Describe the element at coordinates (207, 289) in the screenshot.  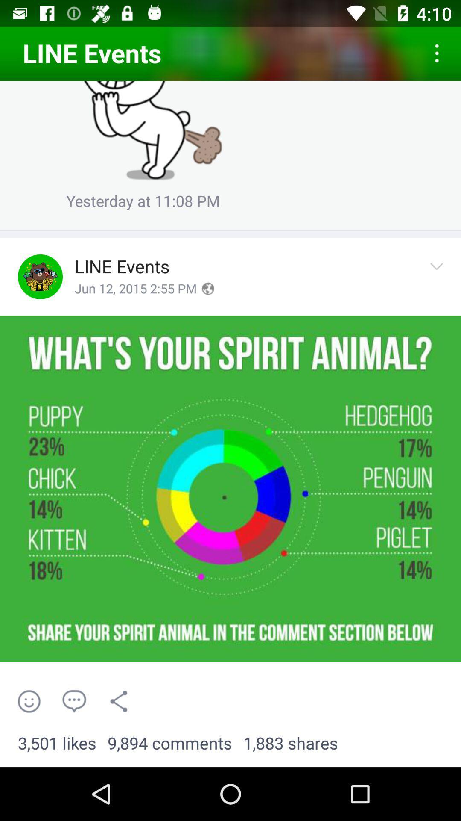
I see `earth internet symbol` at that location.